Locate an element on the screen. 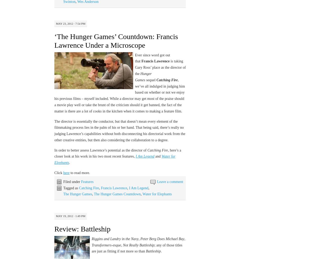  'to read more.' is located at coordinates (79, 172).